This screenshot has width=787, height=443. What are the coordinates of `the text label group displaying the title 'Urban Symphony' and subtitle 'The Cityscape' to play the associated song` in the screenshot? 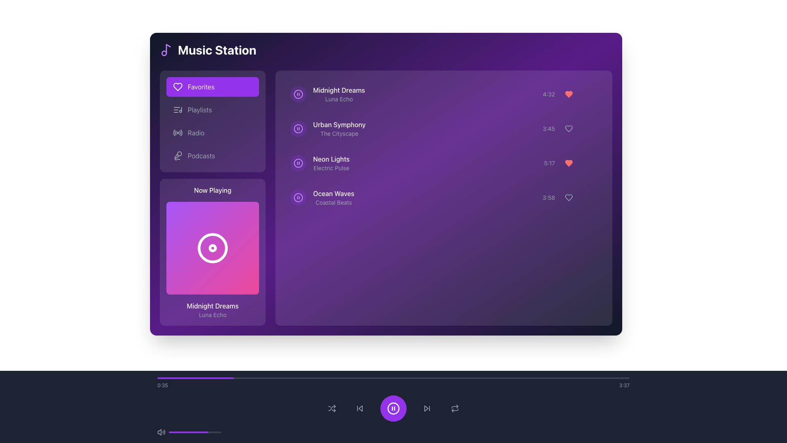 It's located at (339, 128).